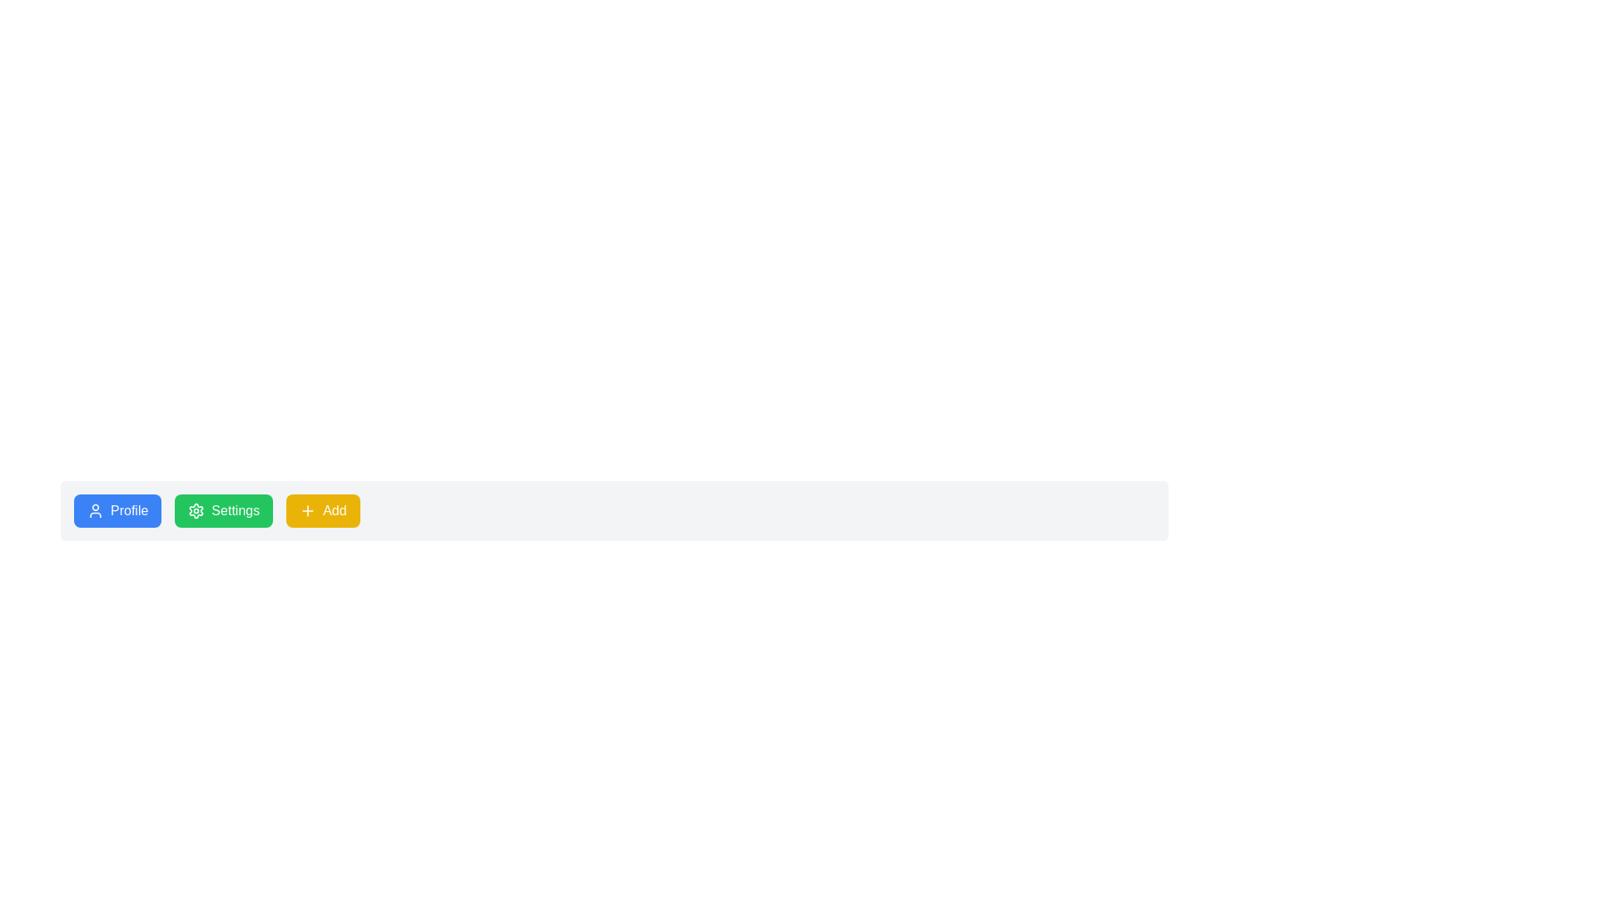 The width and height of the screenshot is (1598, 899). What do you see at coordinates (95, 509) in the screenshot?
I see `the small blue user icon within the 'Profile' button` at bounding box center [95, 509].